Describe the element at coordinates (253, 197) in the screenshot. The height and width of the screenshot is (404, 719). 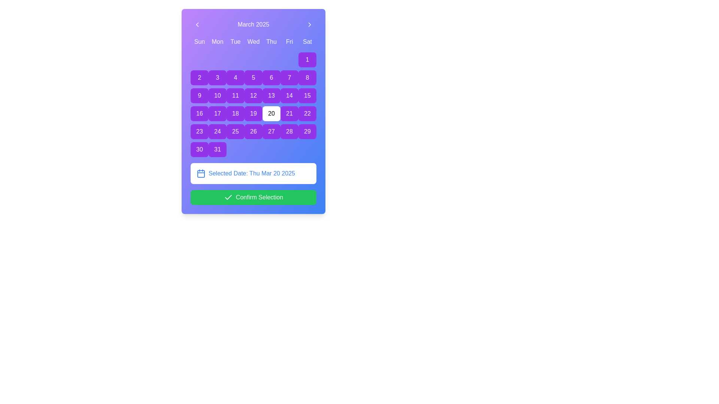
I see `the confirmation button located at the bottom of the calendar interface to confirm the selected date` at that location.